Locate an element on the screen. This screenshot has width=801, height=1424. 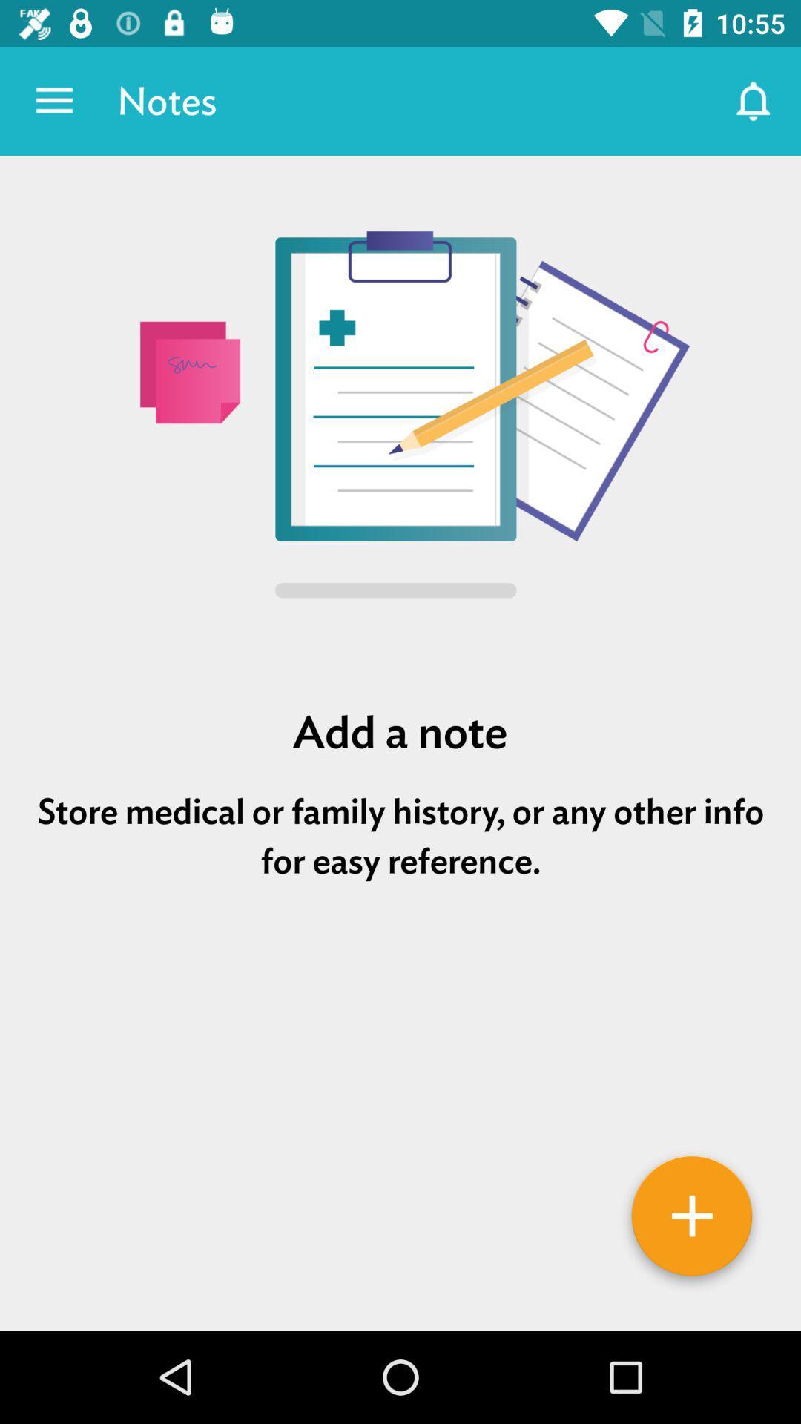
a new note is located at coordinates (692, 1221).